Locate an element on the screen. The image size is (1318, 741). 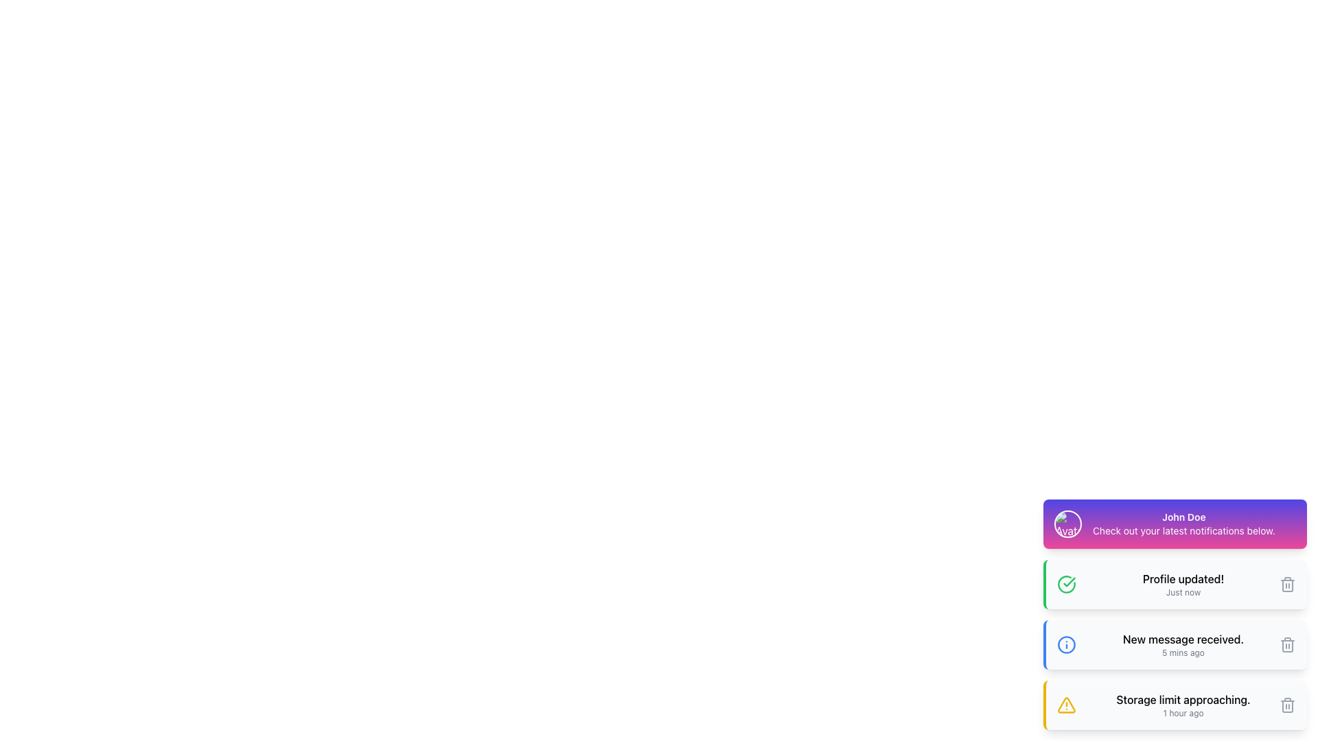
the text area that displays the message 'New message received.' with a timestamp '5 mins ago' in a light gray background, located in the second notification card is located at coordinates (1182, 645).